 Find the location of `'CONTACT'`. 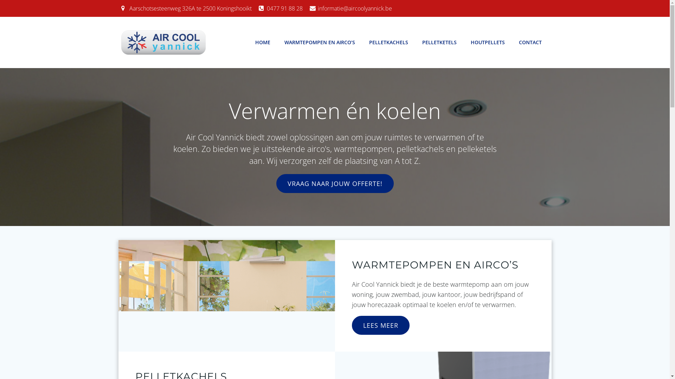

'CONTACT' is located at coordinates (530, 42).